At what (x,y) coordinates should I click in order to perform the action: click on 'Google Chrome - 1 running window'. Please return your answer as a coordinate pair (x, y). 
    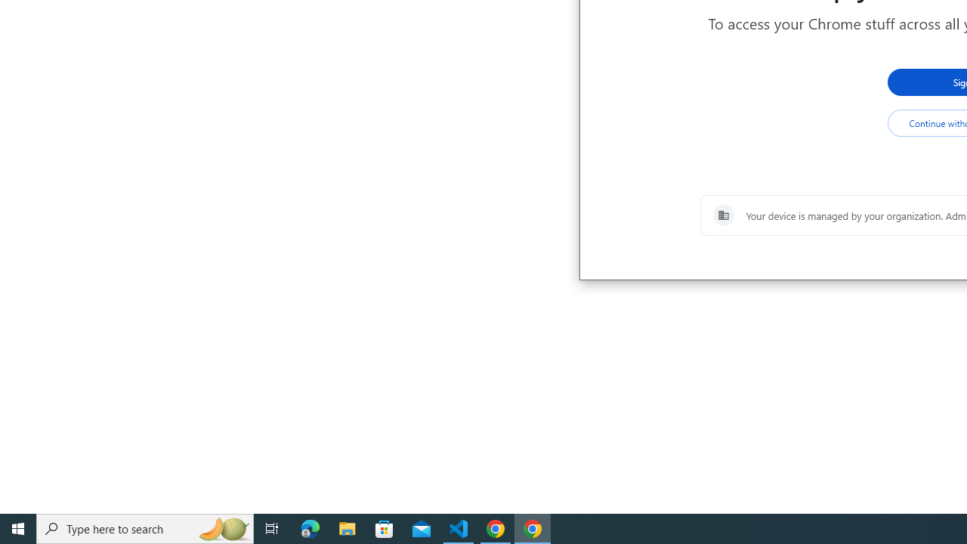
    Looking at the image, I should click on (533, 527).